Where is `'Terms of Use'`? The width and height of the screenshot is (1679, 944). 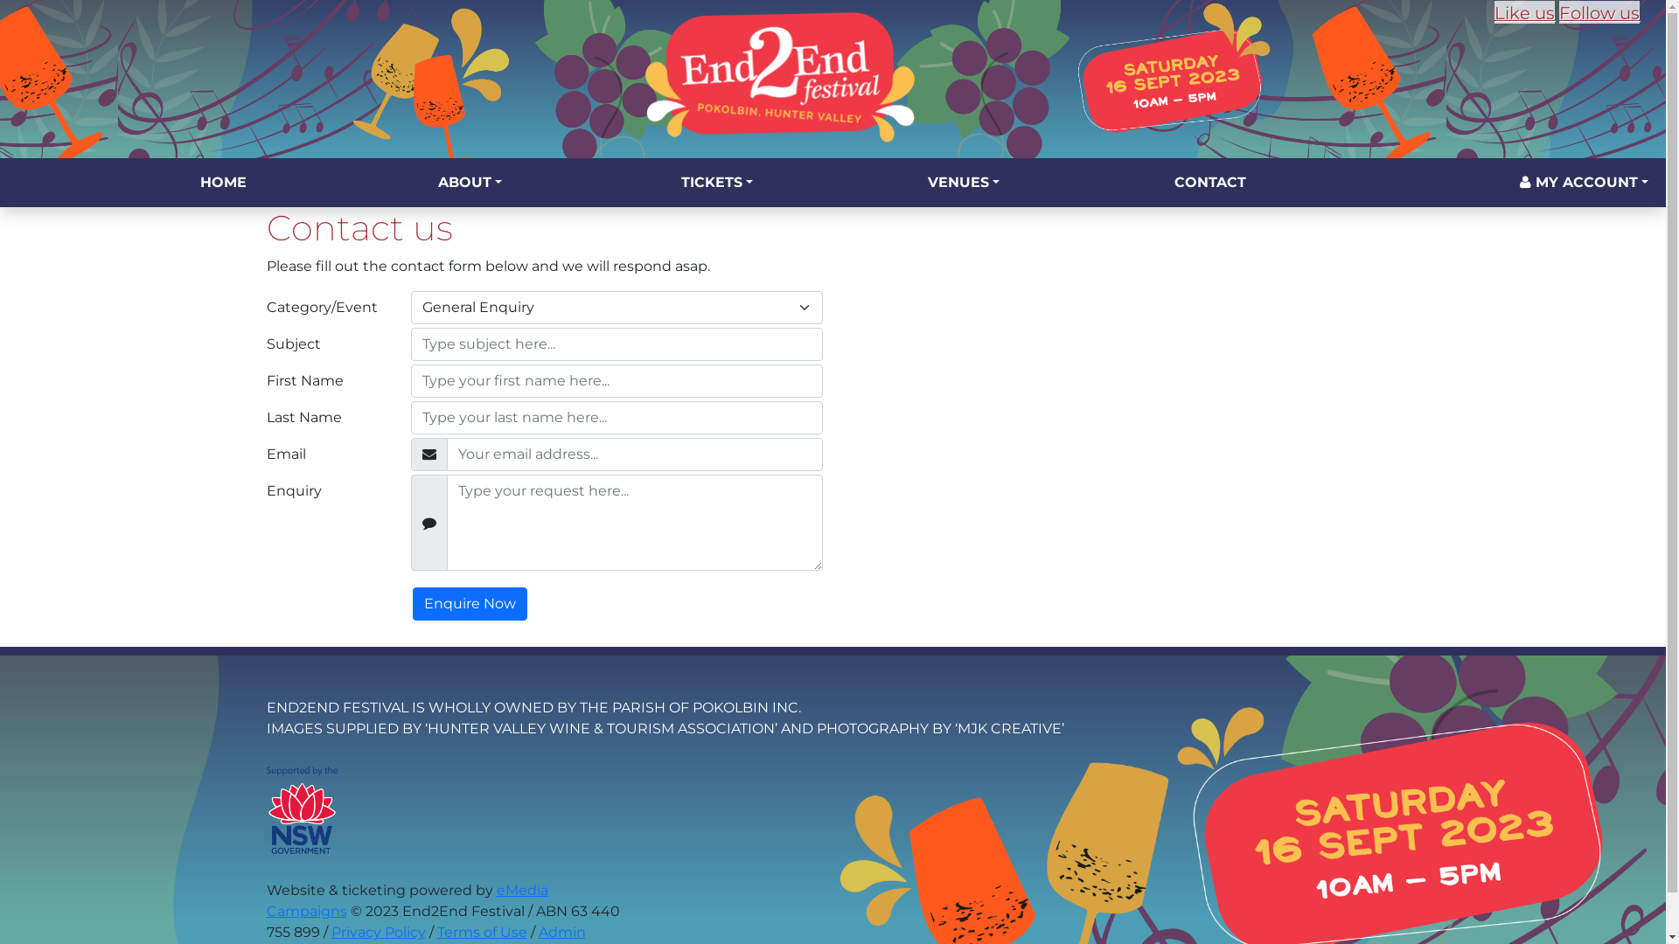 'Terms of Use' is located at coordinates (482, 931).